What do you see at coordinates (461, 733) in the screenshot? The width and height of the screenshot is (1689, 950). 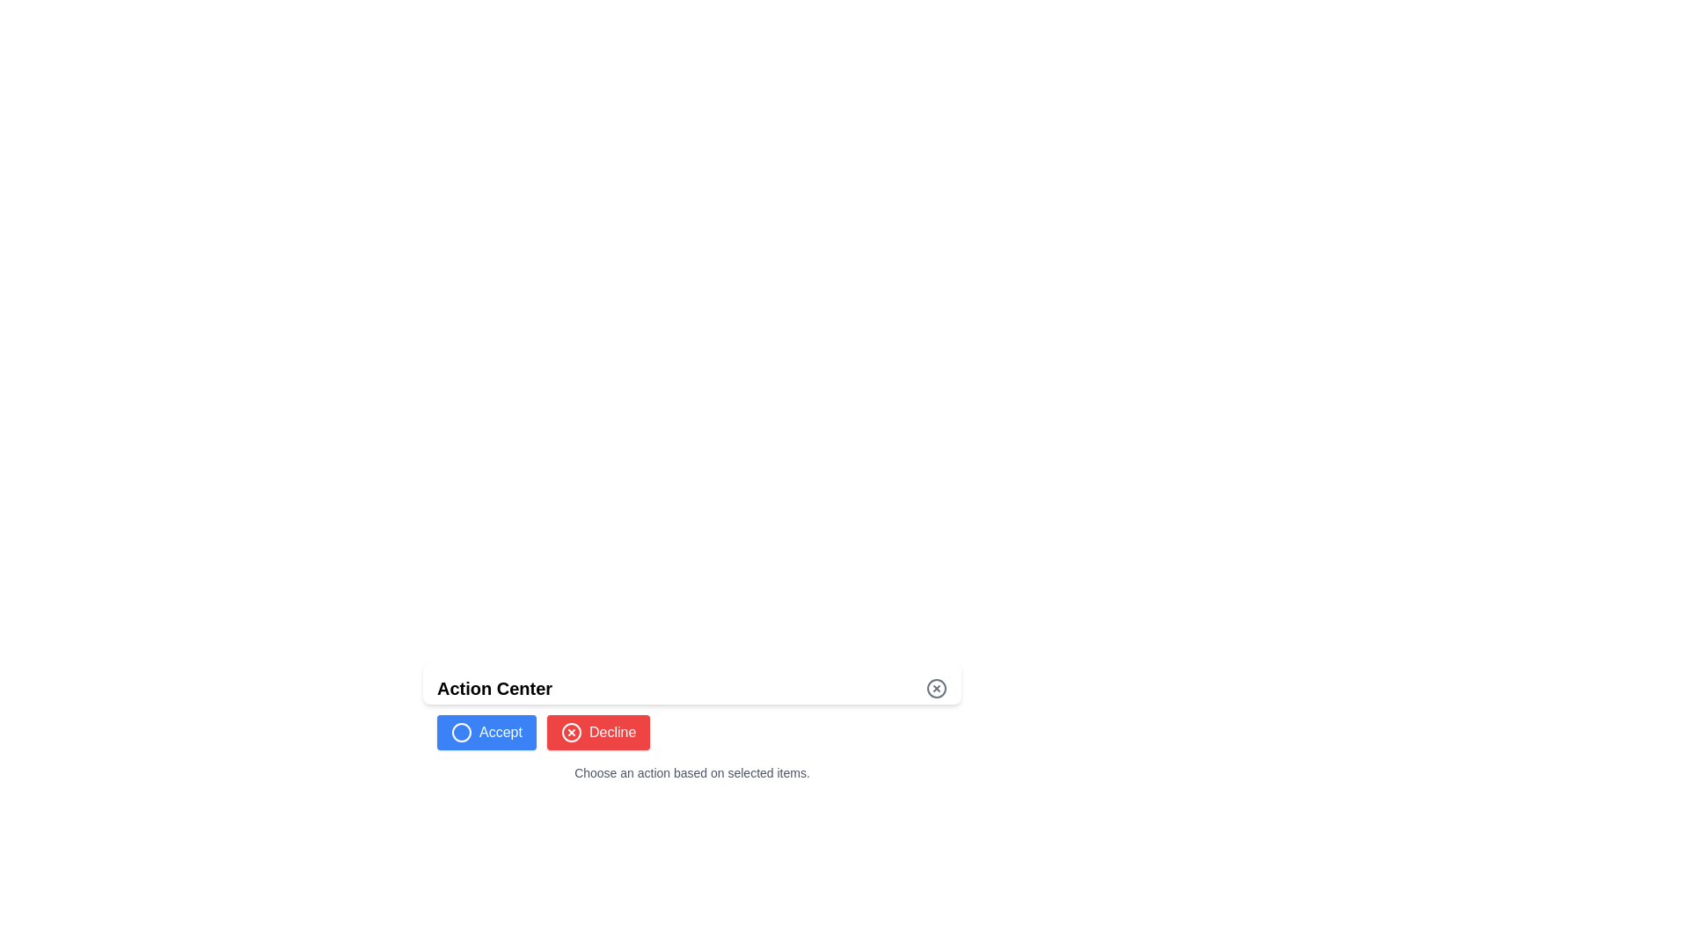 I see `the SVG icon - a circle located in the left section of the 'Accept' button to interact with it` at bounding box center [461, 733].